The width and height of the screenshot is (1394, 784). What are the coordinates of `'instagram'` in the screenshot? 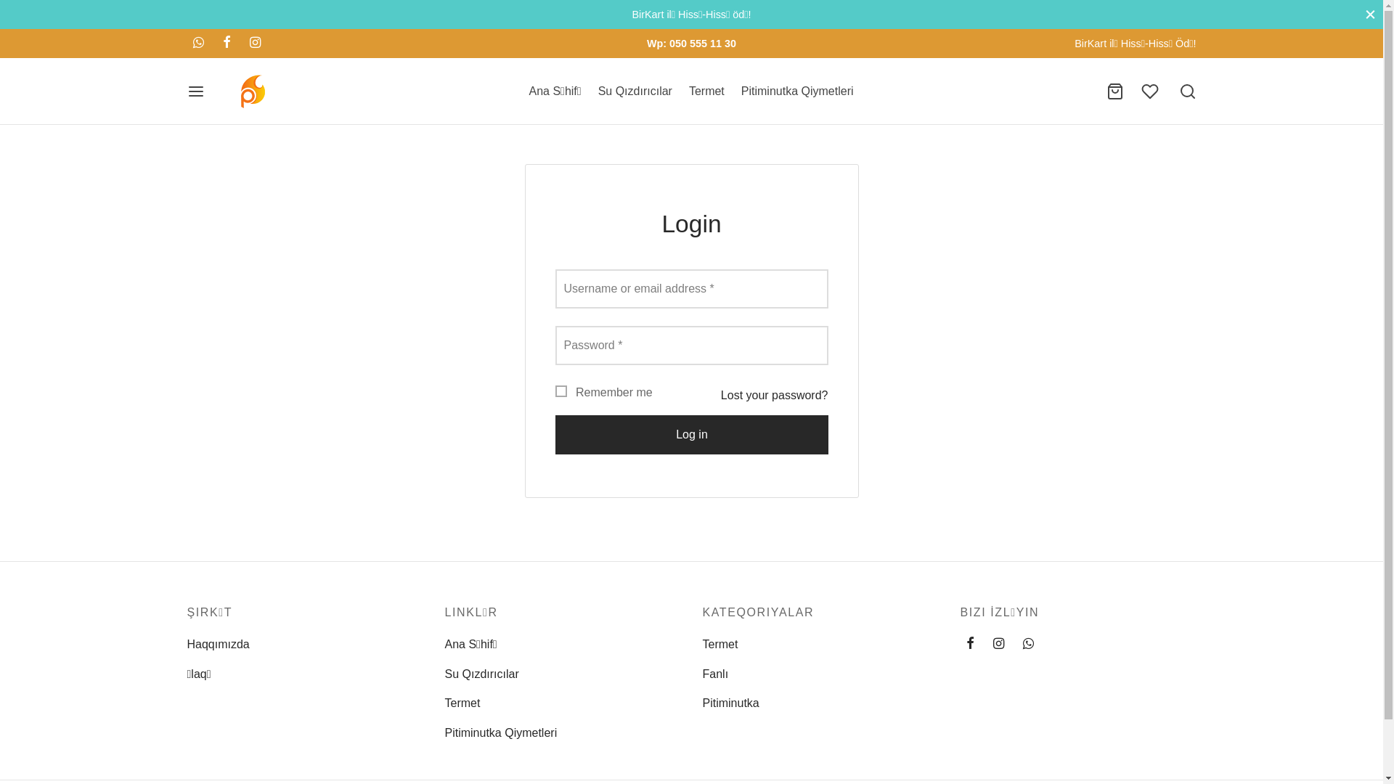 It's located at (987, 643).